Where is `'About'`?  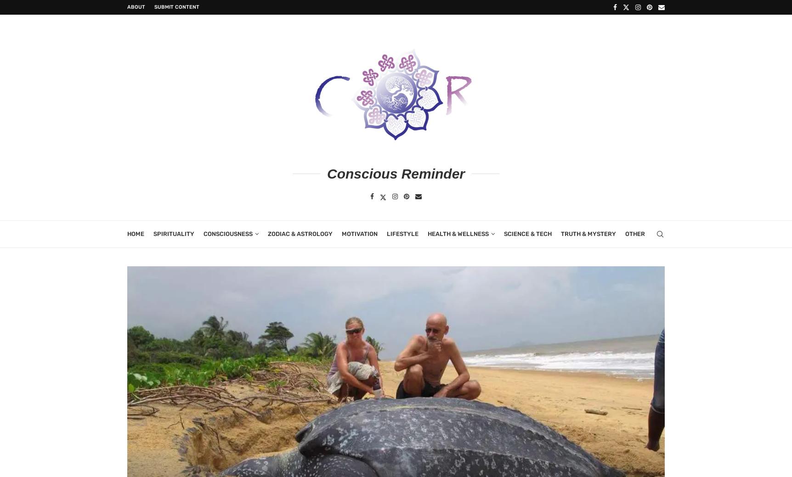
'About' is located at coordinates (136, 6).